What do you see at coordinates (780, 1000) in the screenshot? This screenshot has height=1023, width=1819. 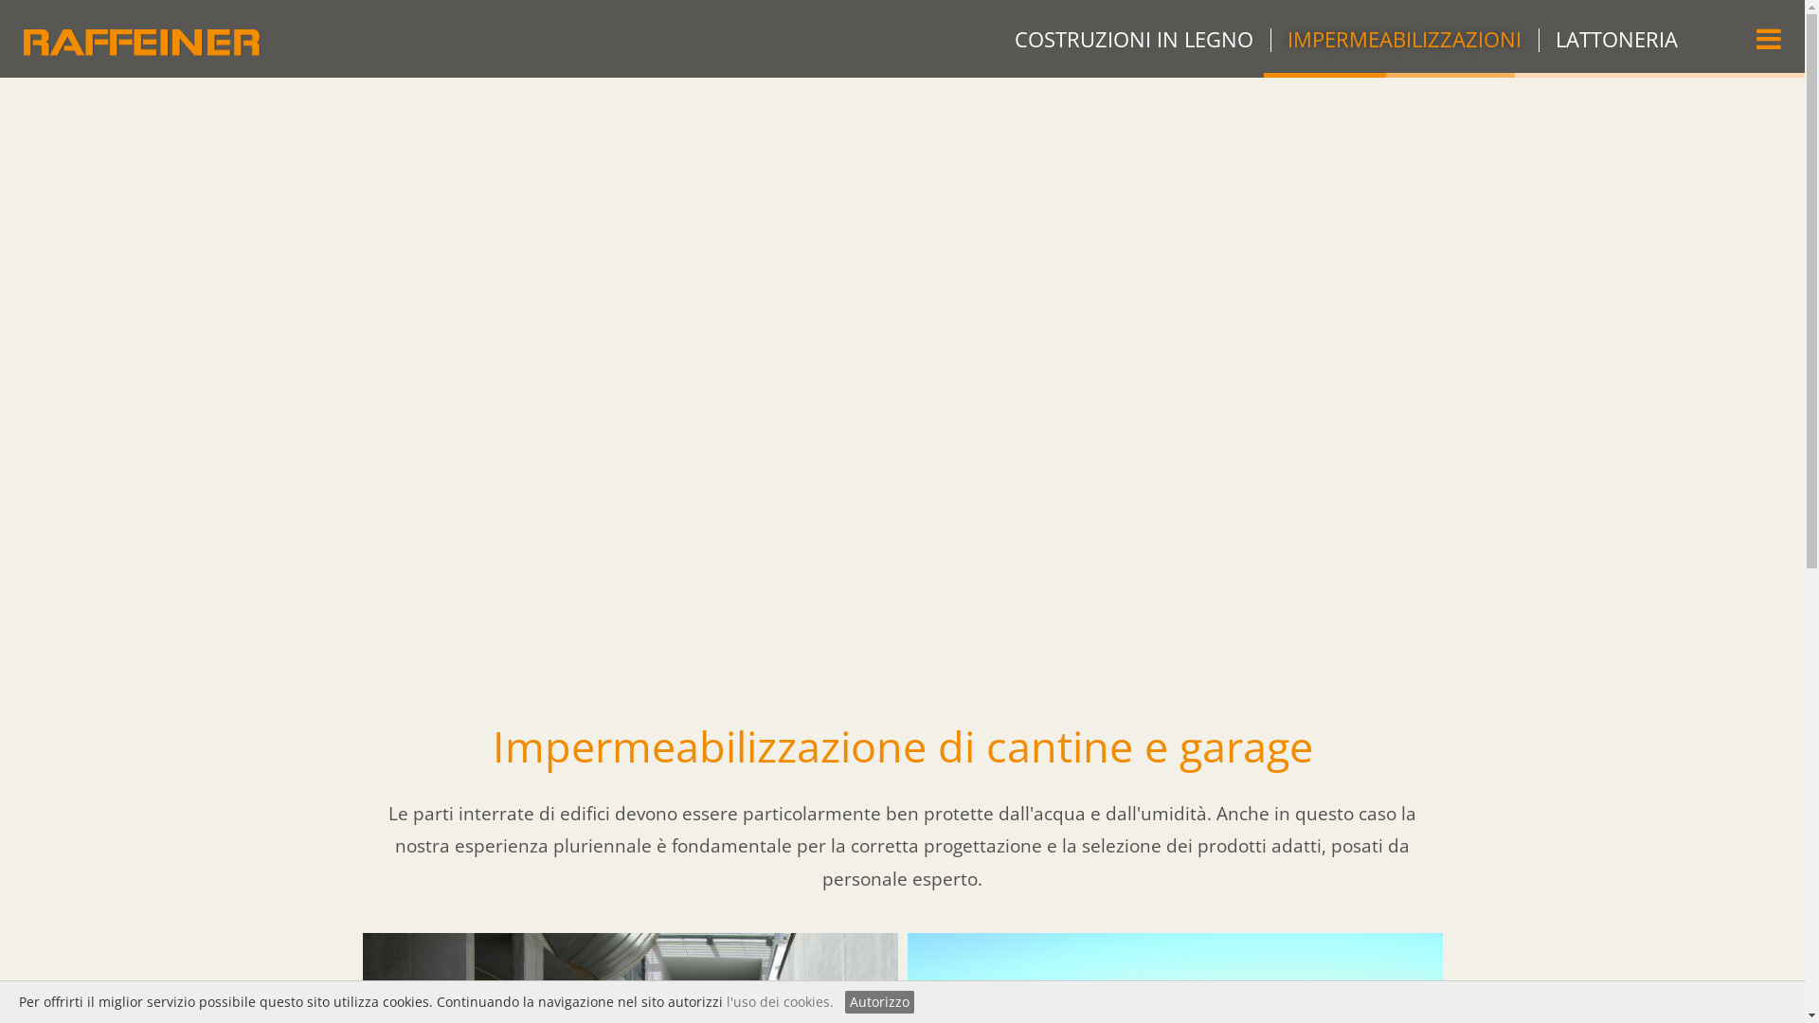 I see `'l'uso dei cookies.'` at bounding box center [780, 1000].